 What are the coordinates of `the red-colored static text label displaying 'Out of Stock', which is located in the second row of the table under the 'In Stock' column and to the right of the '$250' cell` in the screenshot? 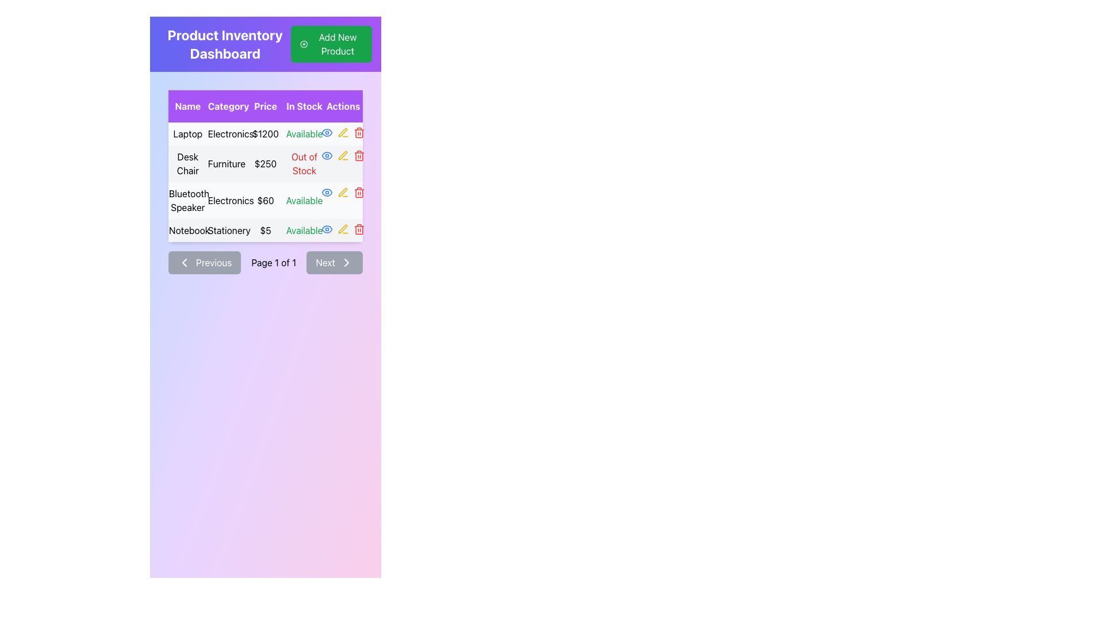 It's located at (304, 164).